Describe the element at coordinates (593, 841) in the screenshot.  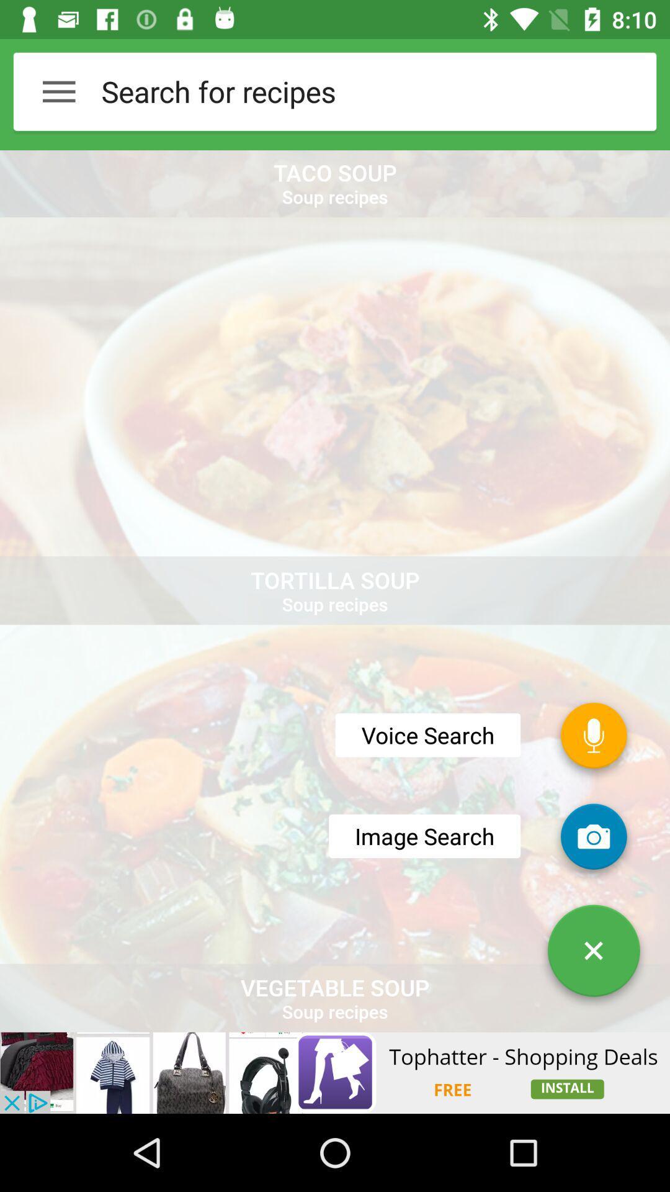
I see `the photo icon` at that location.